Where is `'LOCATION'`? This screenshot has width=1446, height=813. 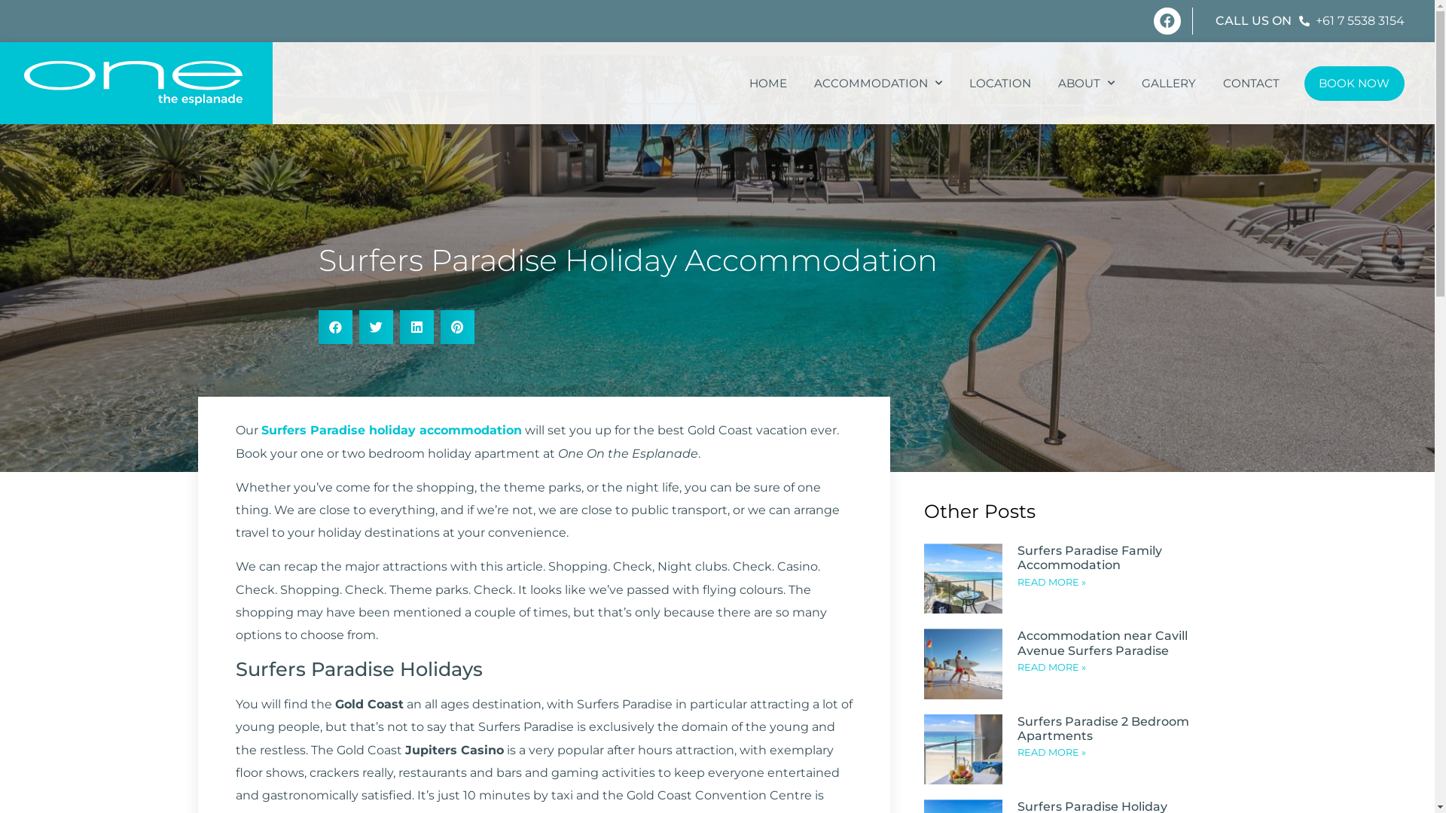 'LOCATION' is located at coordinates (999, 84).